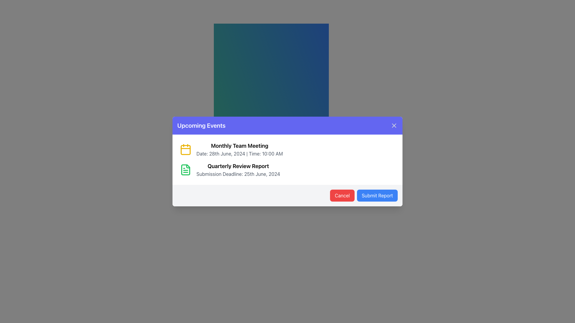  I want to click on the 'Cancel' button located in the lower-right section of the modal dialog interface, so click(342, 196).